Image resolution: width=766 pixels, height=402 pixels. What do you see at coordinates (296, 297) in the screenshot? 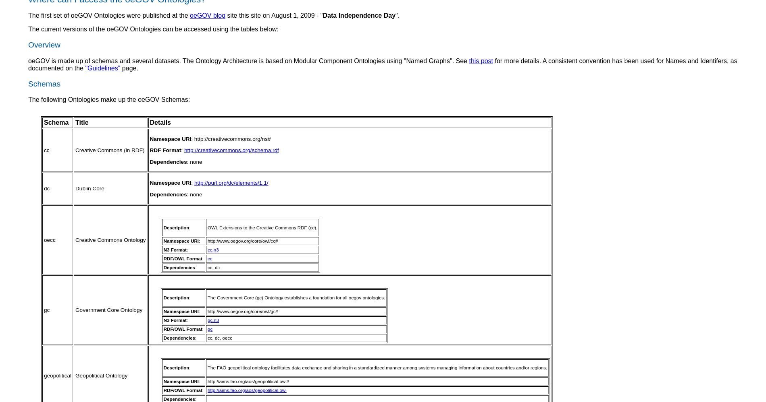
I see `'The Government Core (gc) Ontology establishes a foundation for all oegov ontologies.'` at bounding box center [296, 297].